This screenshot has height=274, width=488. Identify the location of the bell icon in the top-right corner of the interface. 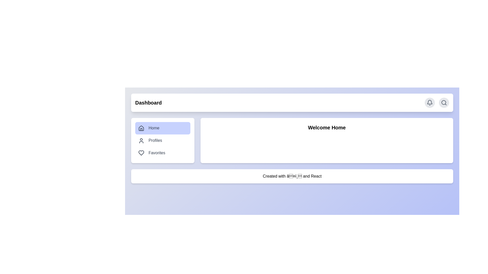
(429, 103).